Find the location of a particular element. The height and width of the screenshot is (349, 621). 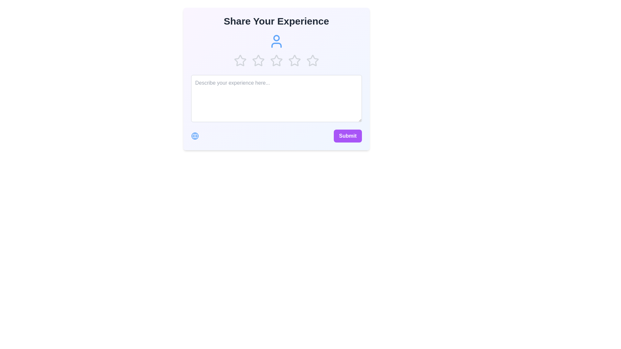

the fourth rating star in the five-level rating system is located at coordinates (312, 60).